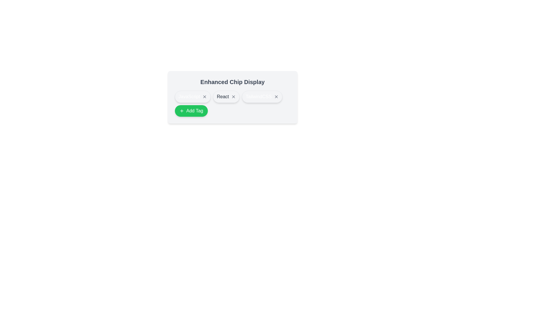 The height and width of the screenshot is (312, 555). What do you see at coordinates (276, 96) in the screenshot?
I see `the tag by clicking on the close icon of the tag with text TailwindCSS` at bounding box center [276, 96].